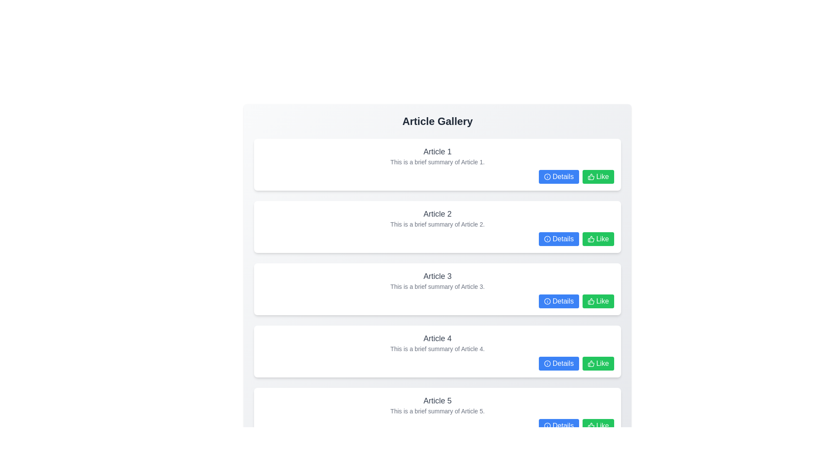 Image resolution: width=831 pixels, height=467 pixels. Describe the element at coordinates (590, 425) in the screenshot. I see `the thumbs-up icon within the 'Like' button of 'Article 5'` at that location.